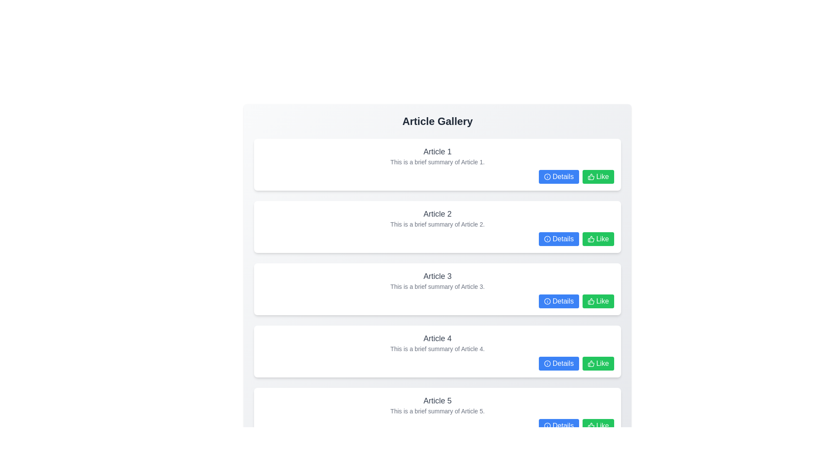 Image resolution: width=831 pixels, height=467 pixels. Describe the element at coordinates (590, 425) in the screenshot. I see `the thumbs-up icon within the 'Like' button of 'Article 5'` at that location.